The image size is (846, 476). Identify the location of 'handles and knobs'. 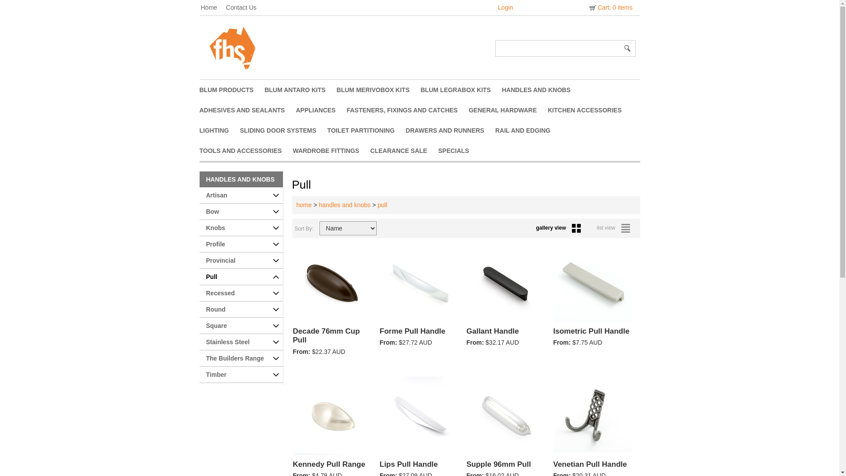
(344, 205).